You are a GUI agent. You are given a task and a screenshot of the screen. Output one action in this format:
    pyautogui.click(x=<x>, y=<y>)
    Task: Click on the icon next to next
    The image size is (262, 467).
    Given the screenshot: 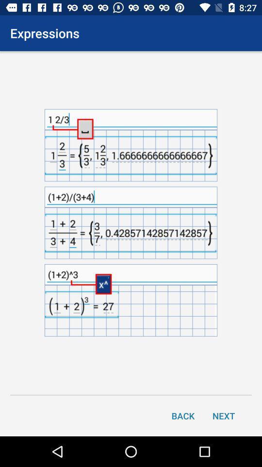 What is the action you would take?
    pyautogui.click(x=183, y=415)
    